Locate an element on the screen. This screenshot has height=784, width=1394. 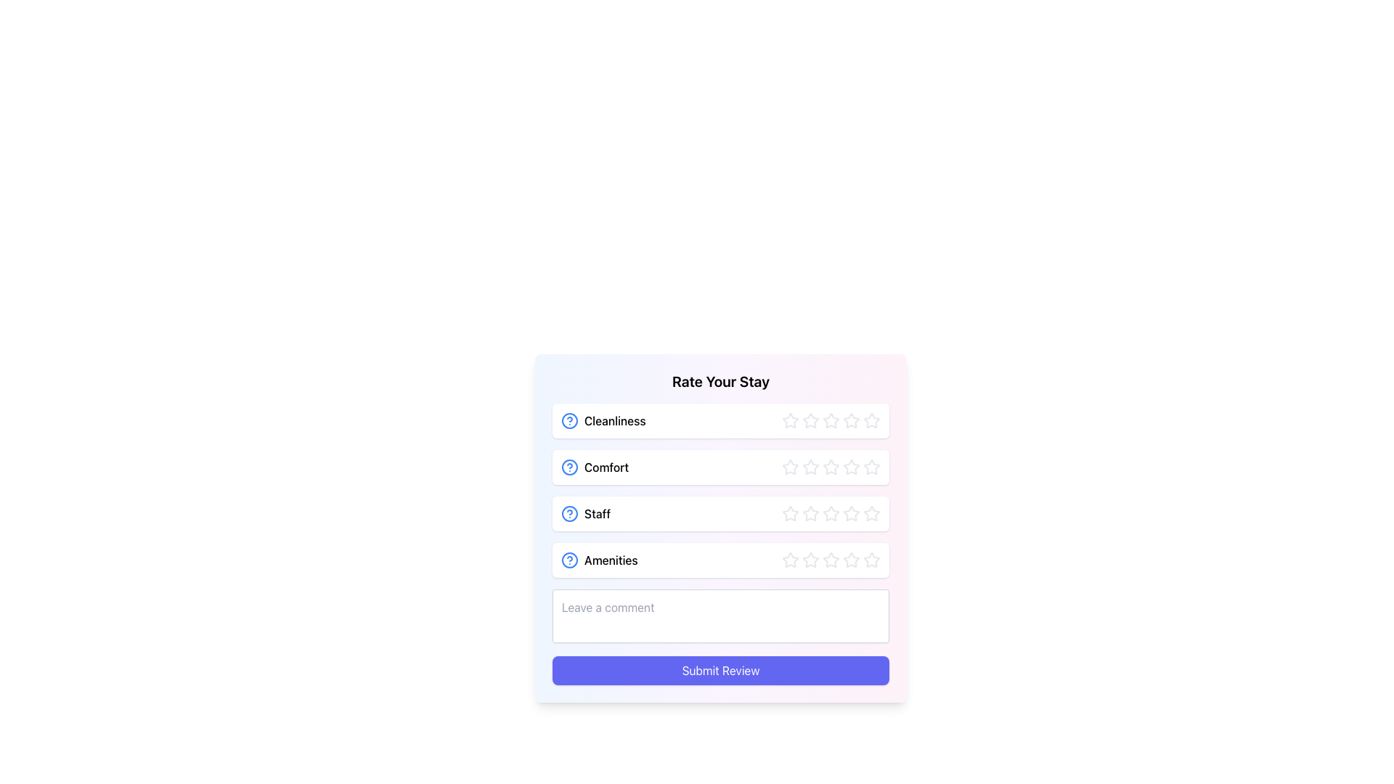
the 'Amenities' label with a blue question mark icon, which is the fourth item in the 'Rate Your Stay' card section, located between the 'Staff' section and the comment input box is located at coordinates (599, 559).